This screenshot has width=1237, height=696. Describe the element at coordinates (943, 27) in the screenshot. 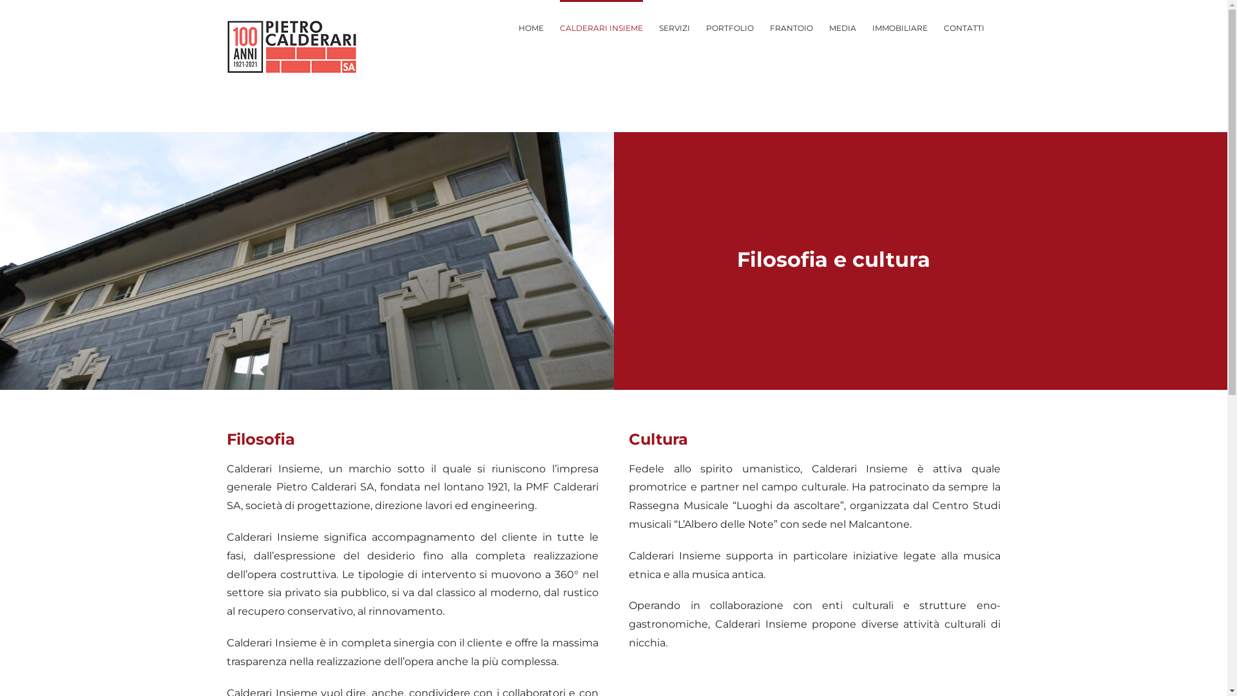

I see `'CONTATTI'` at that location.